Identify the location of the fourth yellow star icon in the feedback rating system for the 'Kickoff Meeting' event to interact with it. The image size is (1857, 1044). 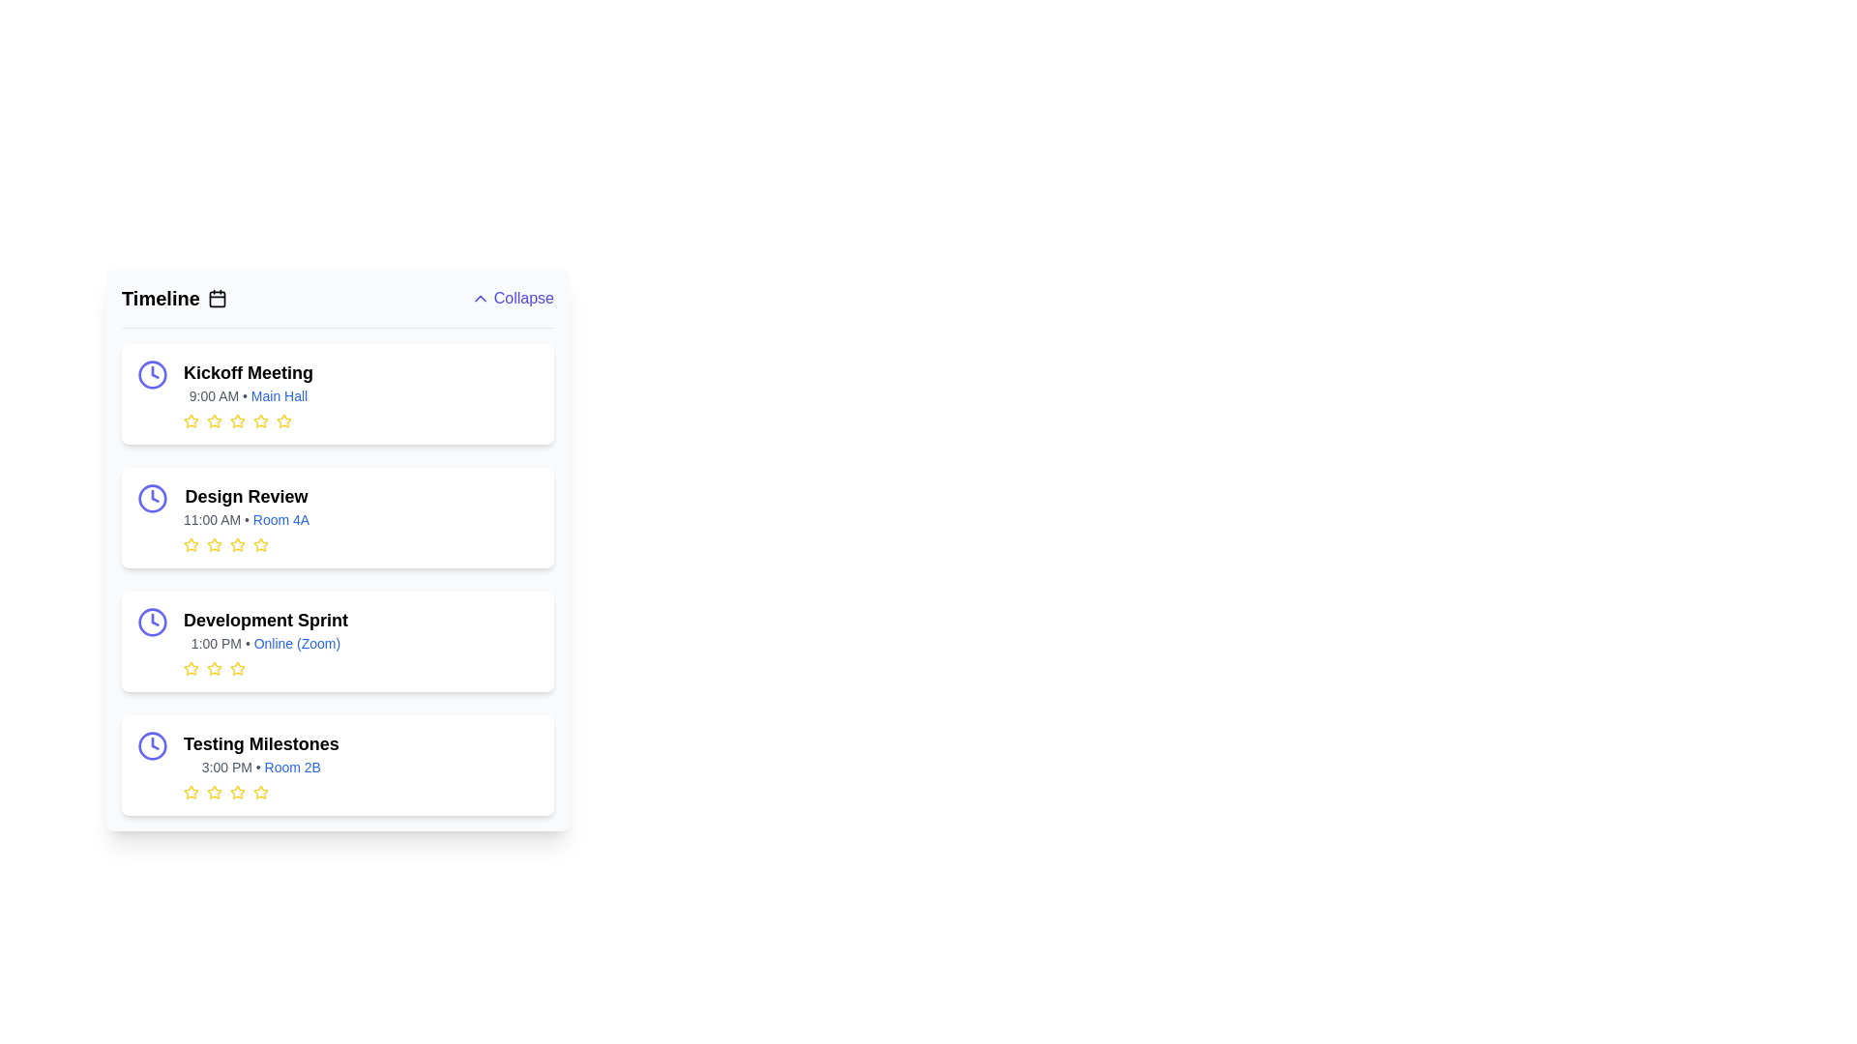
(191, 420).